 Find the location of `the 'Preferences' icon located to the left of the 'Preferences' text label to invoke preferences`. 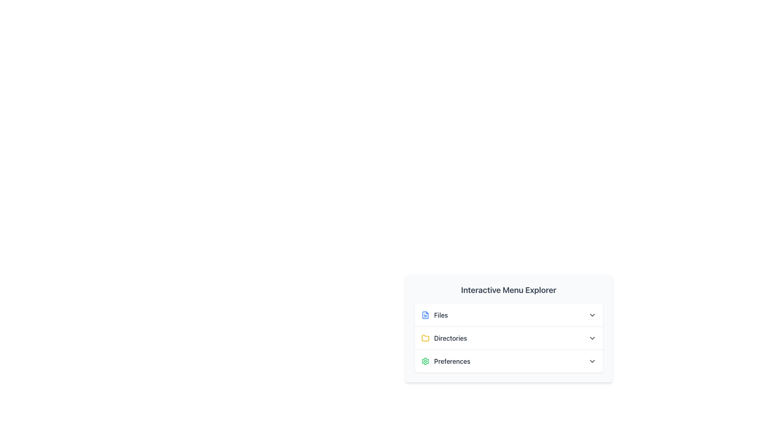

the 'Preferences' icon located to the left of the 'Preferences' text label to invoke preferences is located at coordinates (425, 361).